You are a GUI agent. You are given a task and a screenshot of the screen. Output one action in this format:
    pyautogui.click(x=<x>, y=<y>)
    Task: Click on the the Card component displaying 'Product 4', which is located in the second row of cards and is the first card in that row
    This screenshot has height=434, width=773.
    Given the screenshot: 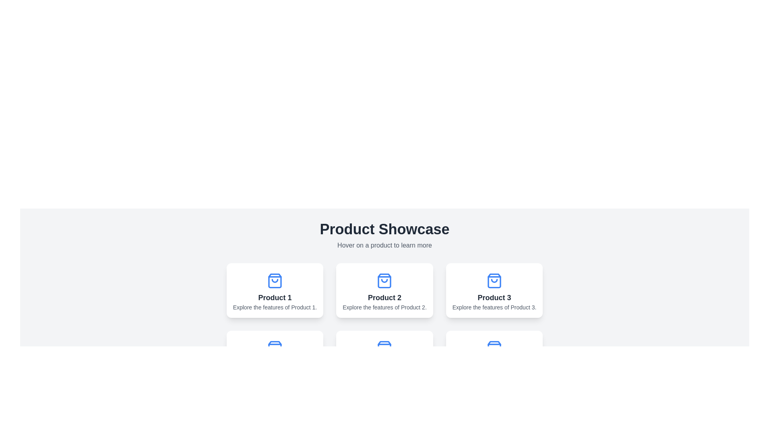 What is the action you would take?
    pyautogui.click(x=275, y=358)
    